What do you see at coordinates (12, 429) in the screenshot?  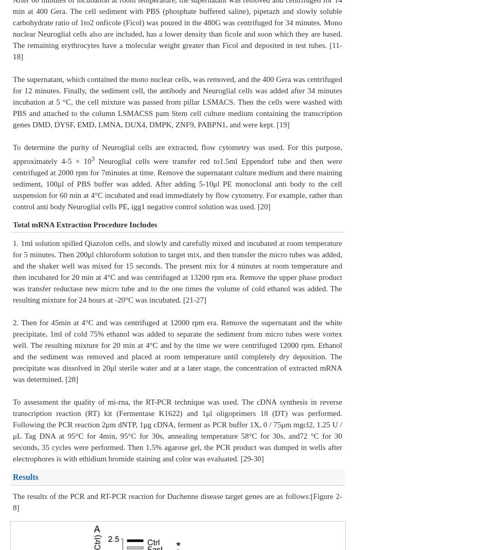 I see `'To assessment the quality of mi-rna, the RT-PCR technique
was used. The cDNA synthesis in reverse transcription reaction
(RT) kit (Fermentase K1622) and 1μl oligoprimers 18 (DT) was
performed. Following the PCR reaction 2μm dNTP, 1μg cDNA,
ferment as PCR buffer 1X, 0 / 75μm mgcl2, 1.25 U / μL Tag DNA
at 95°C for 4min, 95°C for 30s, annealing temperature 58°C for
30s, and72 °C for 30 seconds, 35 cycles were performed. Then
1.5% agarose gel, the PCR product was dumped in wells after
electrophores is with ethidium bromide staining and color was
evaluated. [29-30]'` at bounding box center [12, 429].